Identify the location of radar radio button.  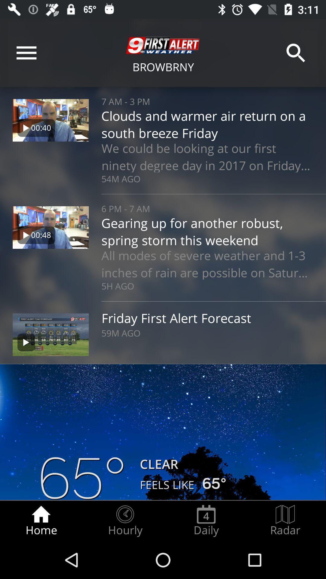
(285, 520).